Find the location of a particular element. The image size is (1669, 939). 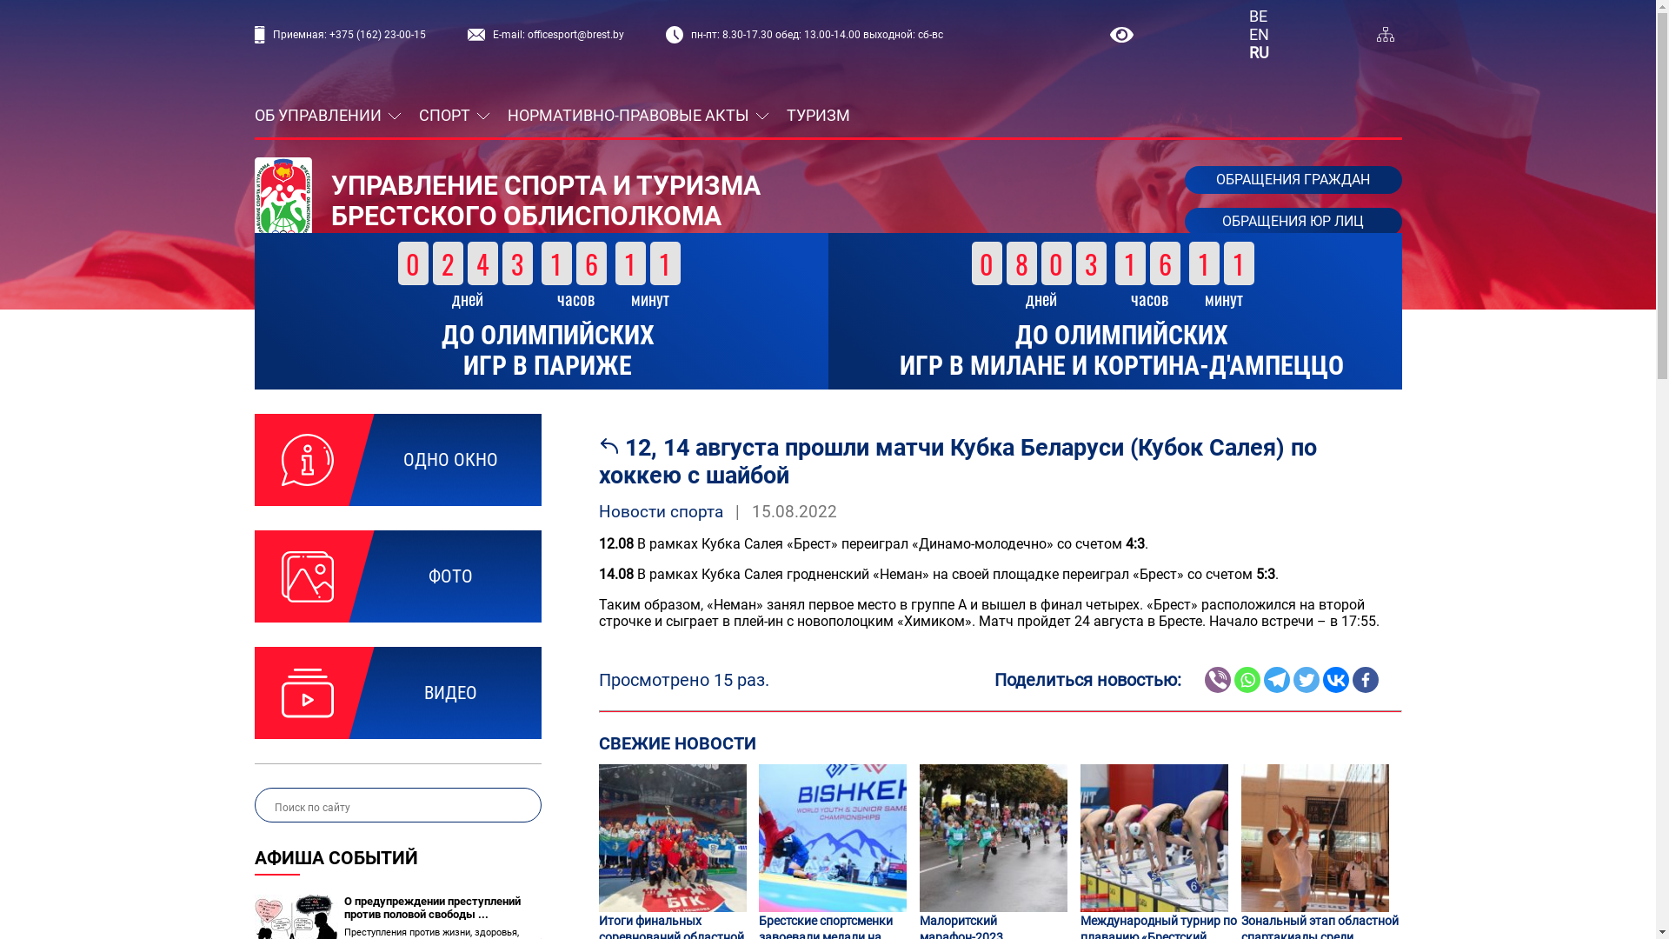

'BE' is located at coordinates (1259, 16).